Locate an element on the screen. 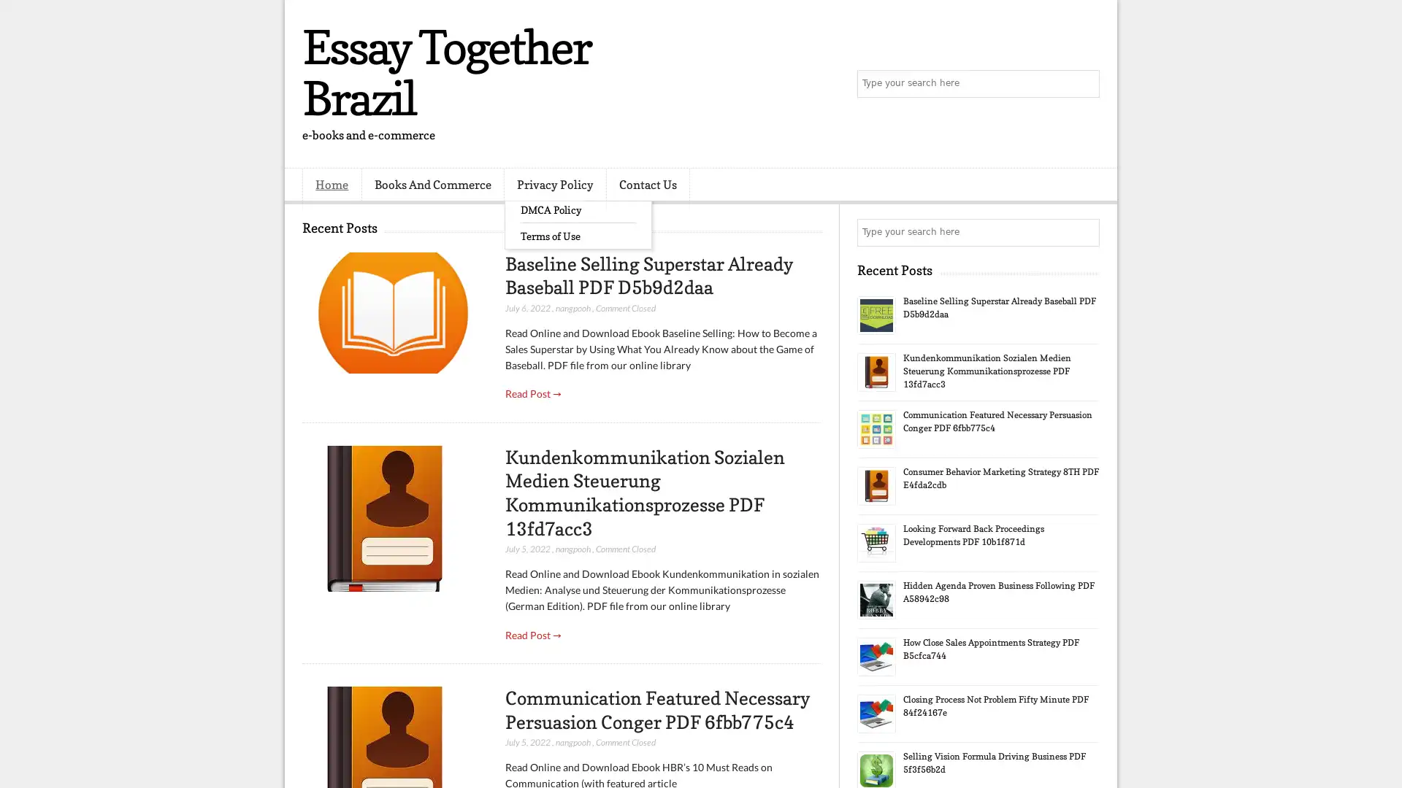 The image size is (1402, 788). Search is located at coordinates (1084, 232).